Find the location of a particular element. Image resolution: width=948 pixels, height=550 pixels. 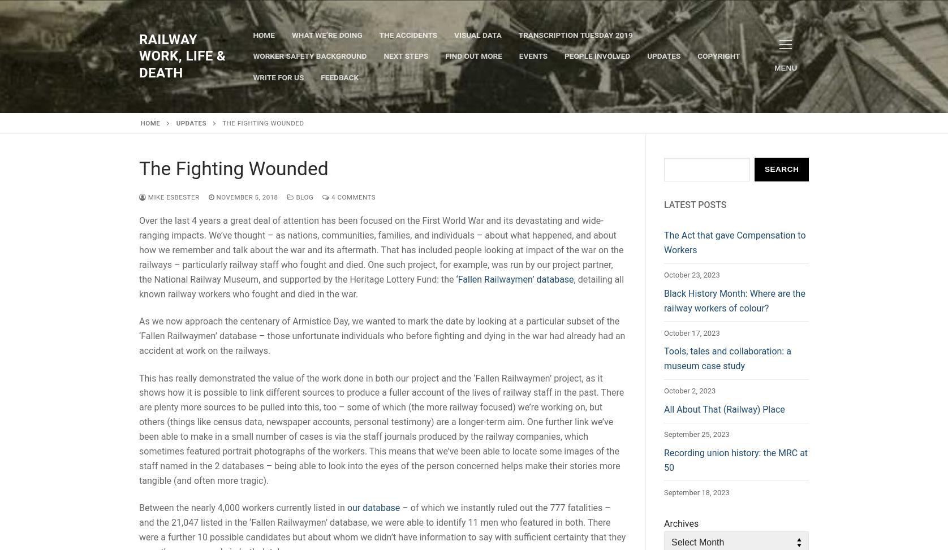

'The Accidents' is located at coordinates (407, 34).